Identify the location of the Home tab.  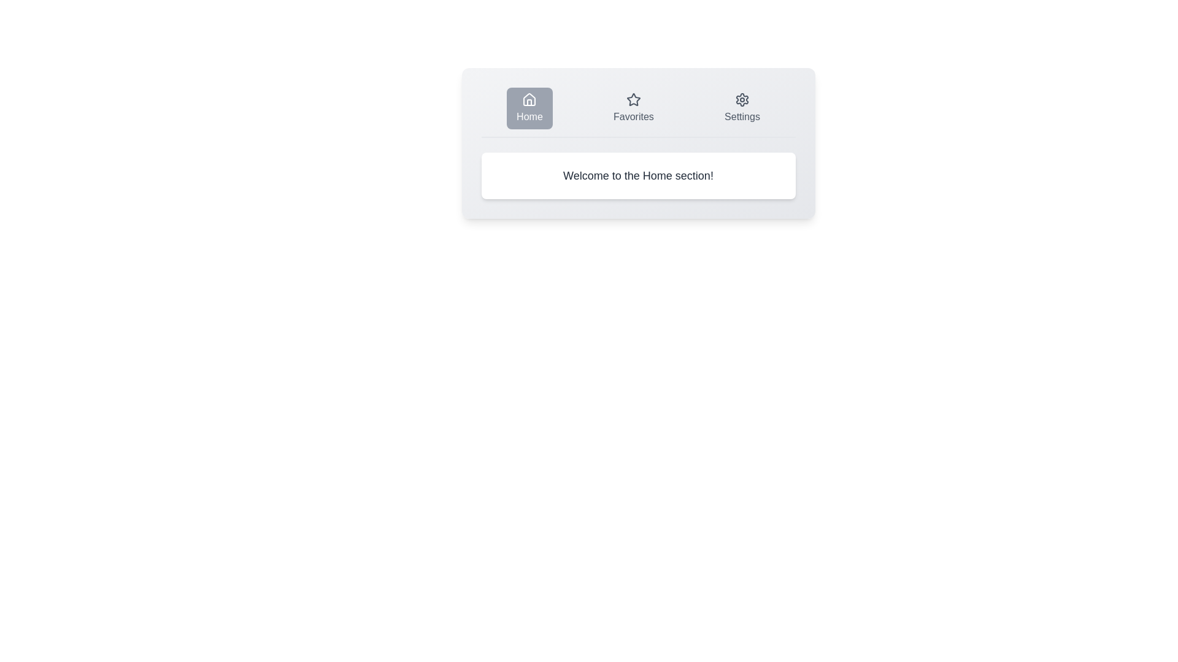
(529, 108).